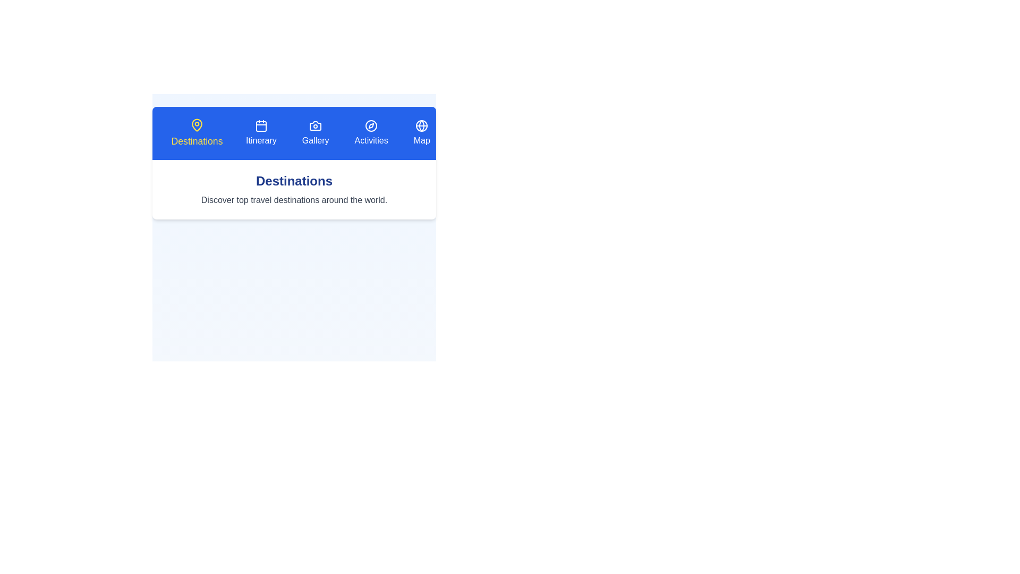 The width and height of the screenshot is (1020, 574). What do you see at coordinates (261, 125) in the screenshot?
I see `the calendar icon located on the 'Itinerary' button, which is the second tab on the top navigation bar` at bounding box center [261, 125].